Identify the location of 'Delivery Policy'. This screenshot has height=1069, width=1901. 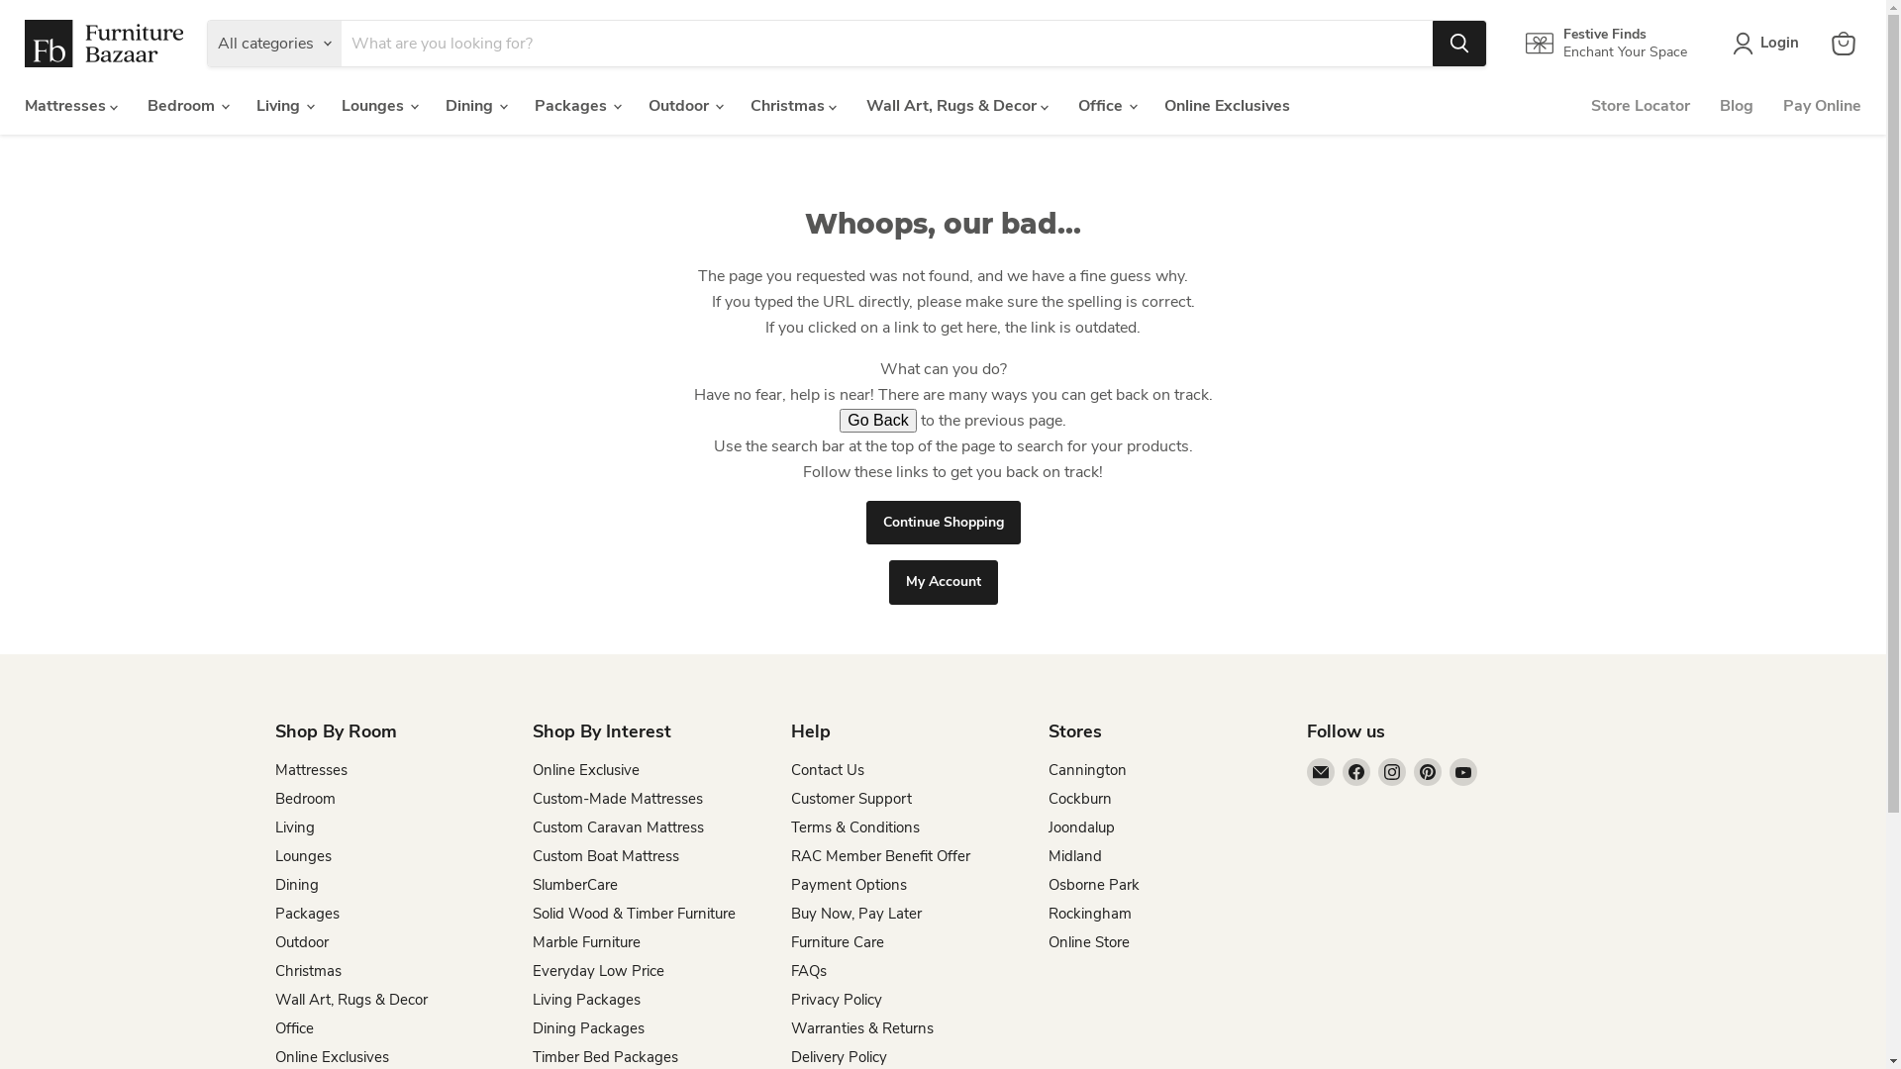
(838, 1056).